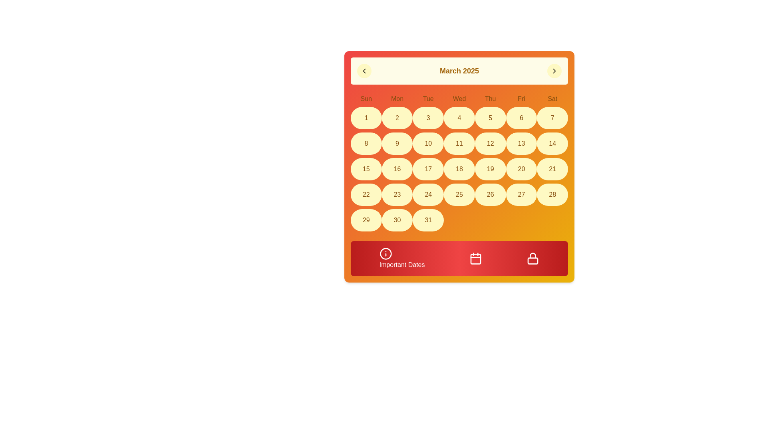 This screenshot has width=767, height=431. Describe the element at coordinates (428, 220) in the screenshot. I see `the circular button labeled '31' with a light yellow background in the seventh row and fifth column of the grid` at that location.